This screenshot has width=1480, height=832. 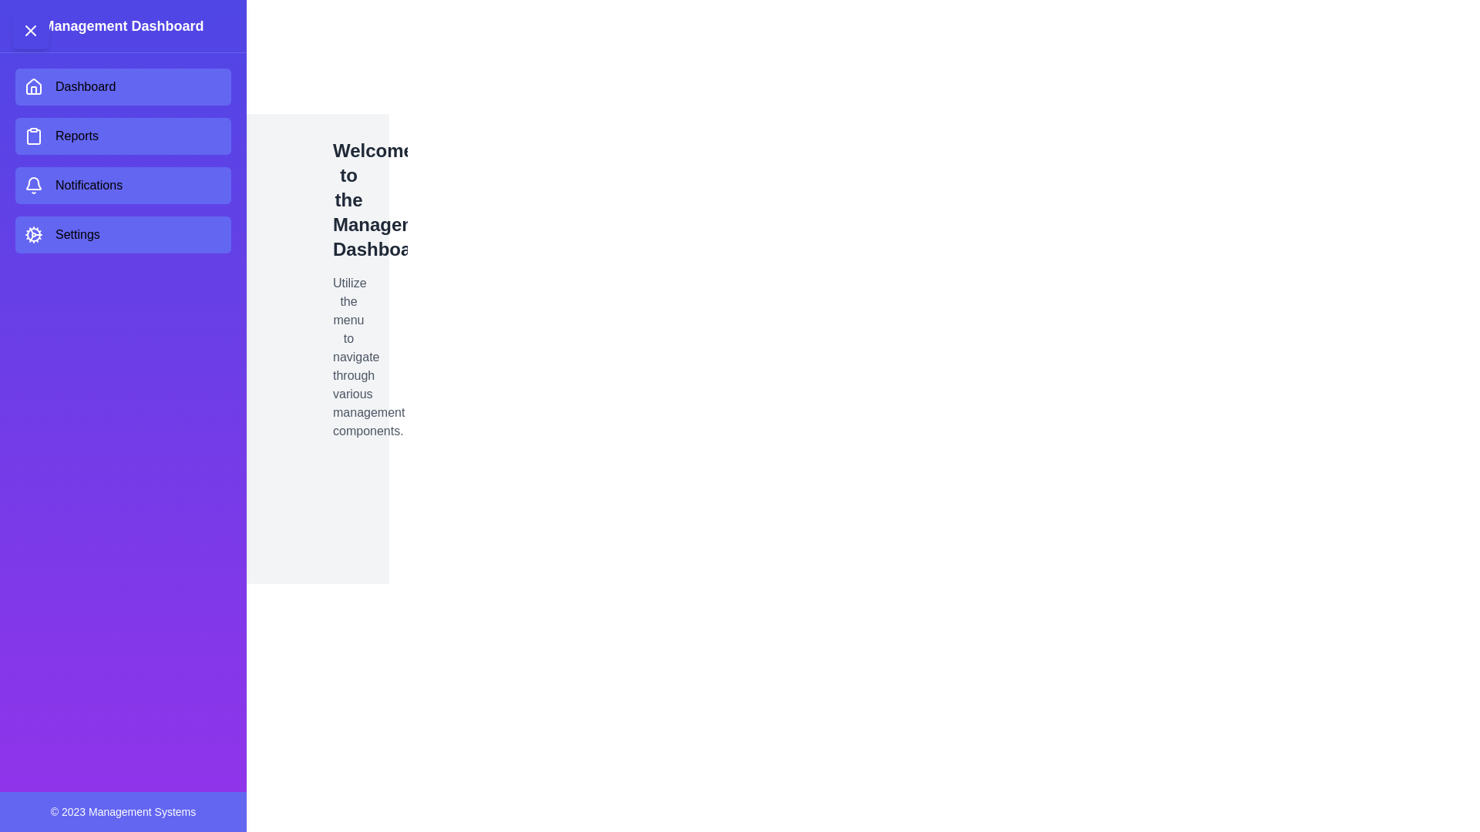 What do you see at coordinates (122, 234) in the screenshot?
I see `the 'Settings' navigation button located below the 'Notifications' button in the left sidebar` at bounding box center [122, 234].